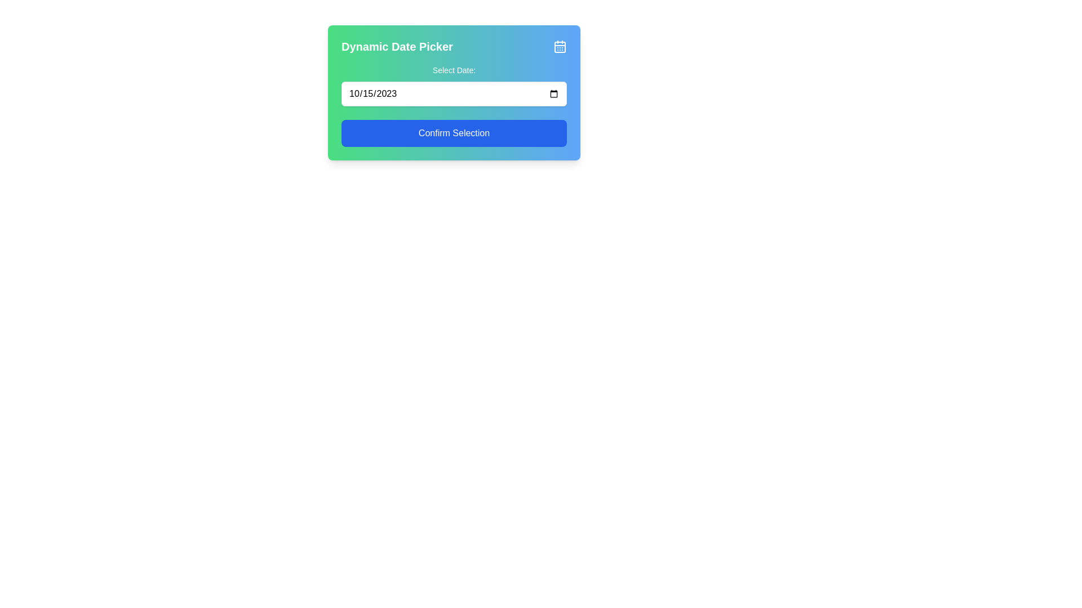 The width and height of the screenshot is (1082, 608). I want to click on the calendar icon located in the upper-right corner of the 'Dynamic Date Picker' section, so click(560, 46).